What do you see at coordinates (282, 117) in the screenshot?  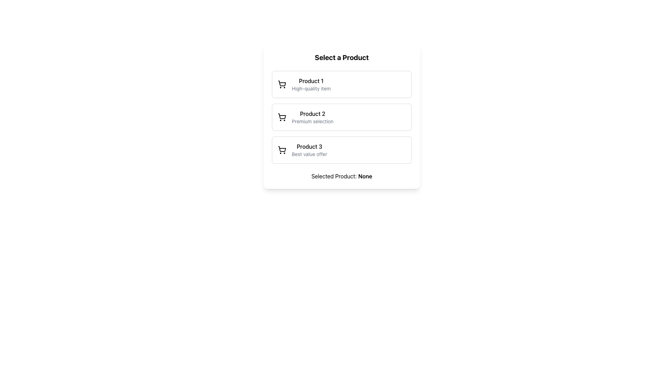 I see `the shopping cart icon located directly to the left of the text 'Product 2'` at bounding box center [282, 117].